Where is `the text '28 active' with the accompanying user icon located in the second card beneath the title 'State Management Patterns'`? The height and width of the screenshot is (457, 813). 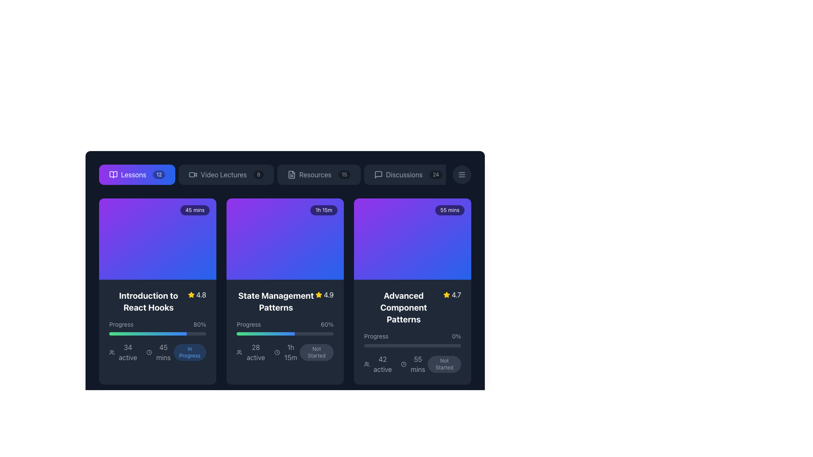 the text '28 active' with the accompanying user icon located in the second card beneath the title 'State Management Patterns' is located at coordinates (252, 352).